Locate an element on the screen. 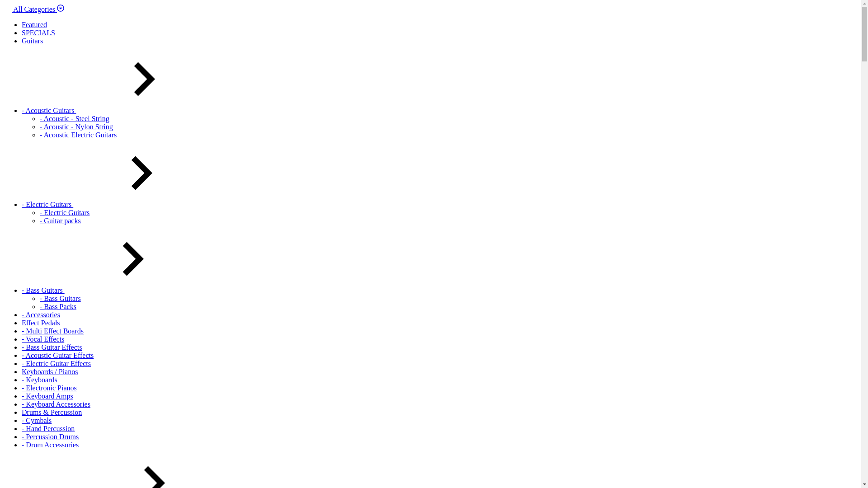 The width and height of the screenshot is (868, 488). '- Electric Guitar Effects' is located at coordinates (22, 363).